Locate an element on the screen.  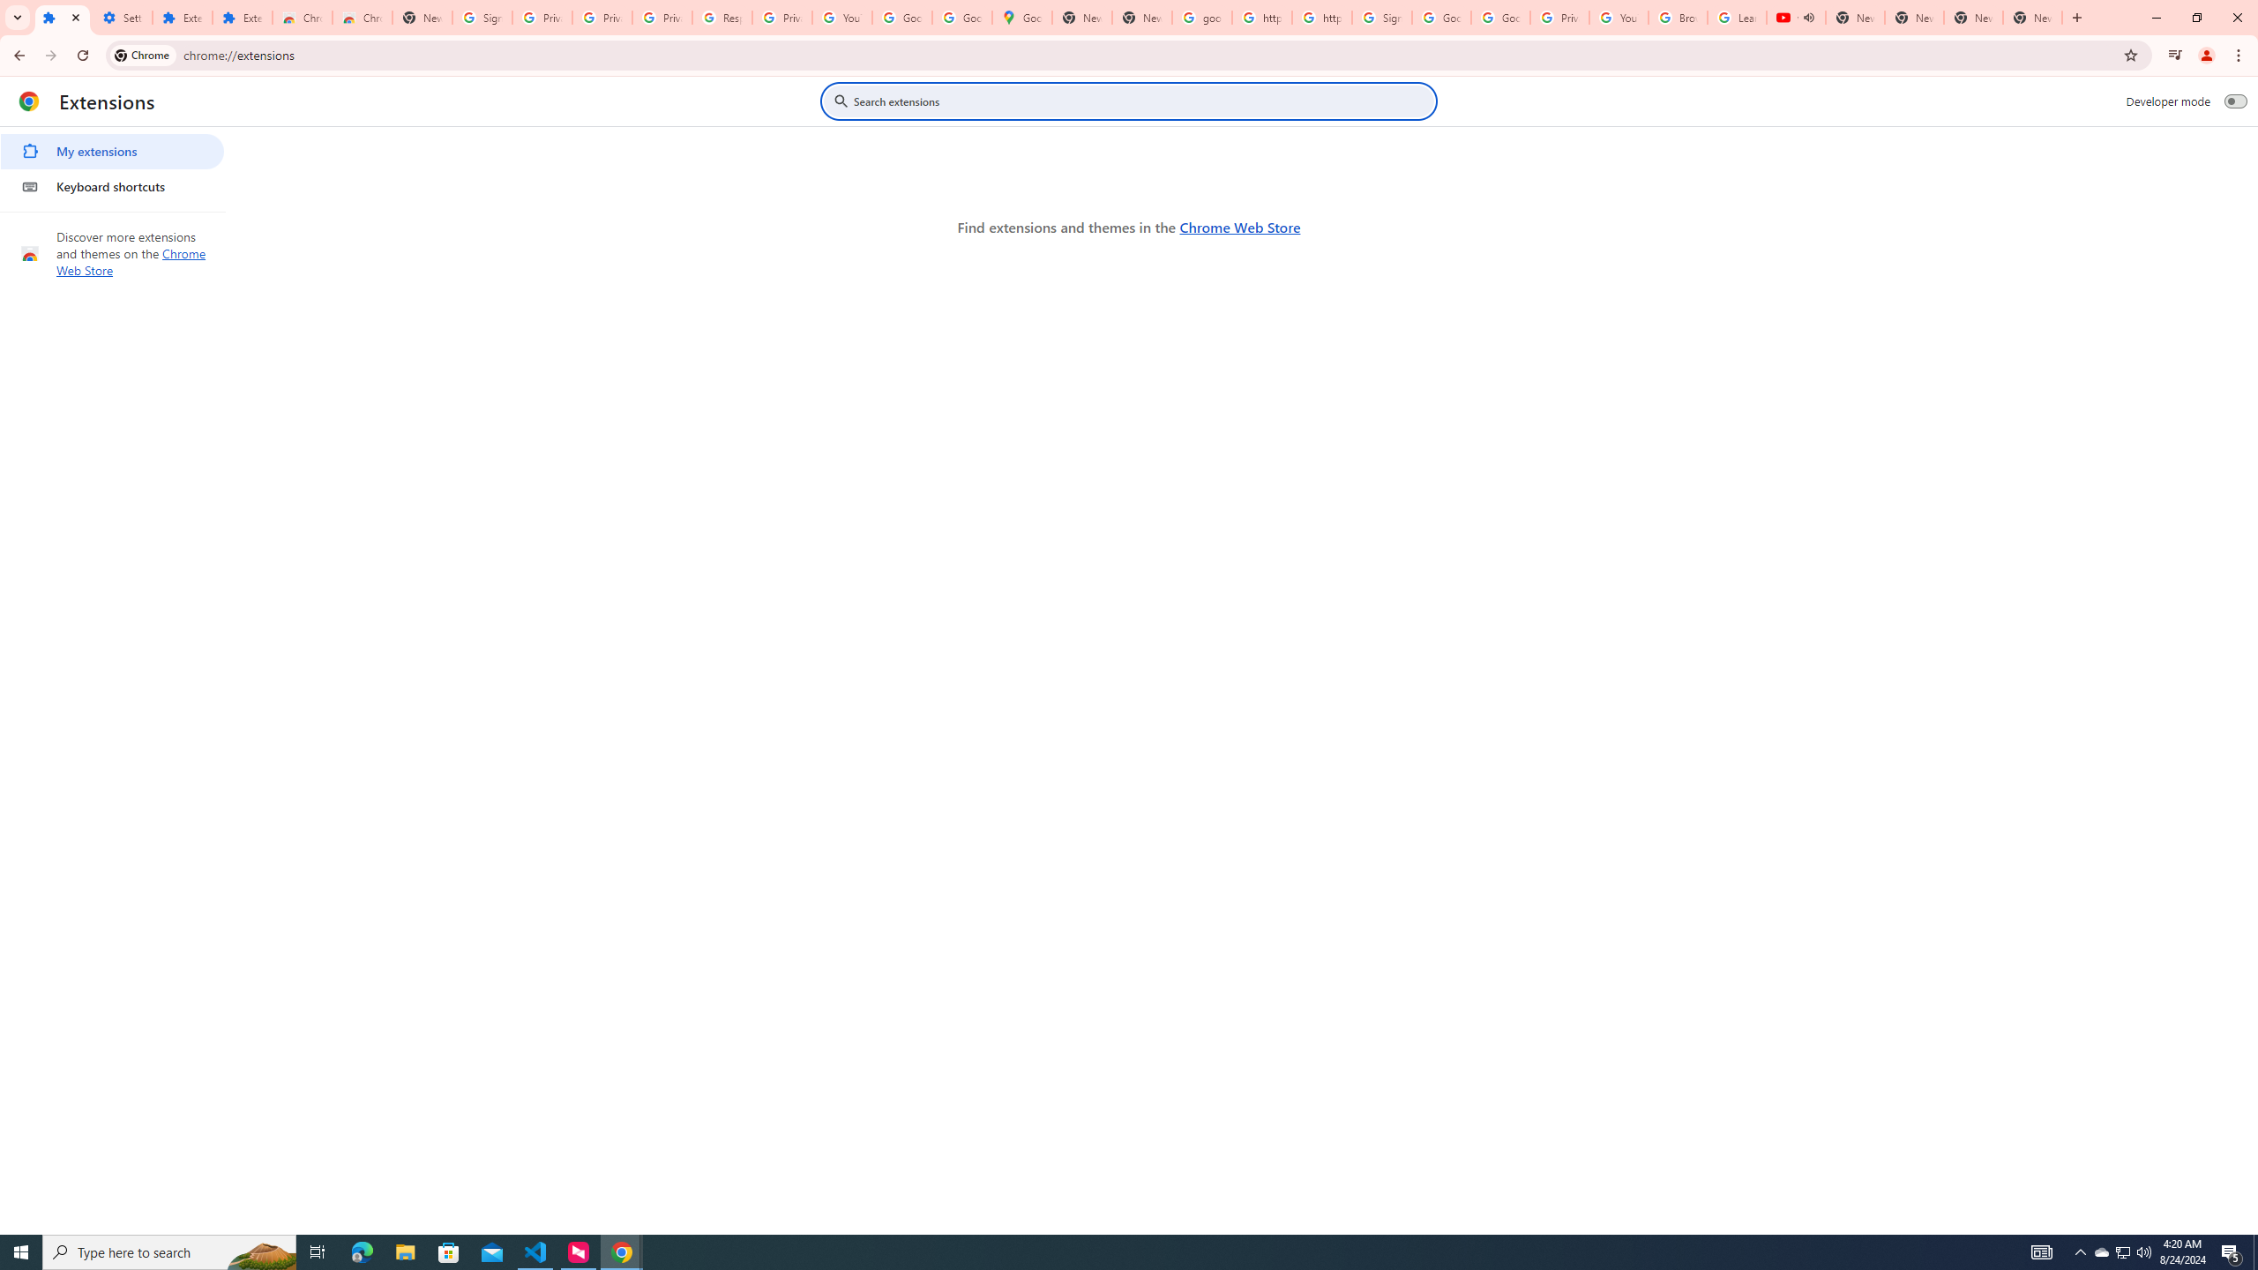
'Keyboard shortcuts' is located at coordinates (111, 185).